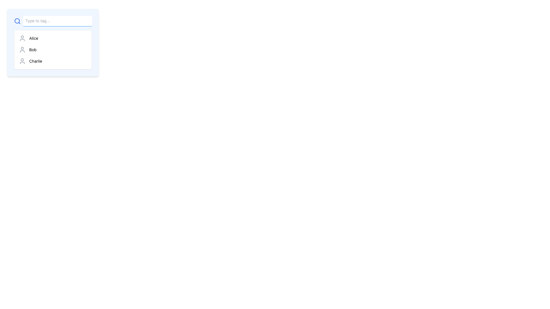 The width and height of the screenshot is (550, 309). I want to click on the search input component, which consists of a blue search icon and a text input field, located at the top of the light blue background card, so click(53, 21).